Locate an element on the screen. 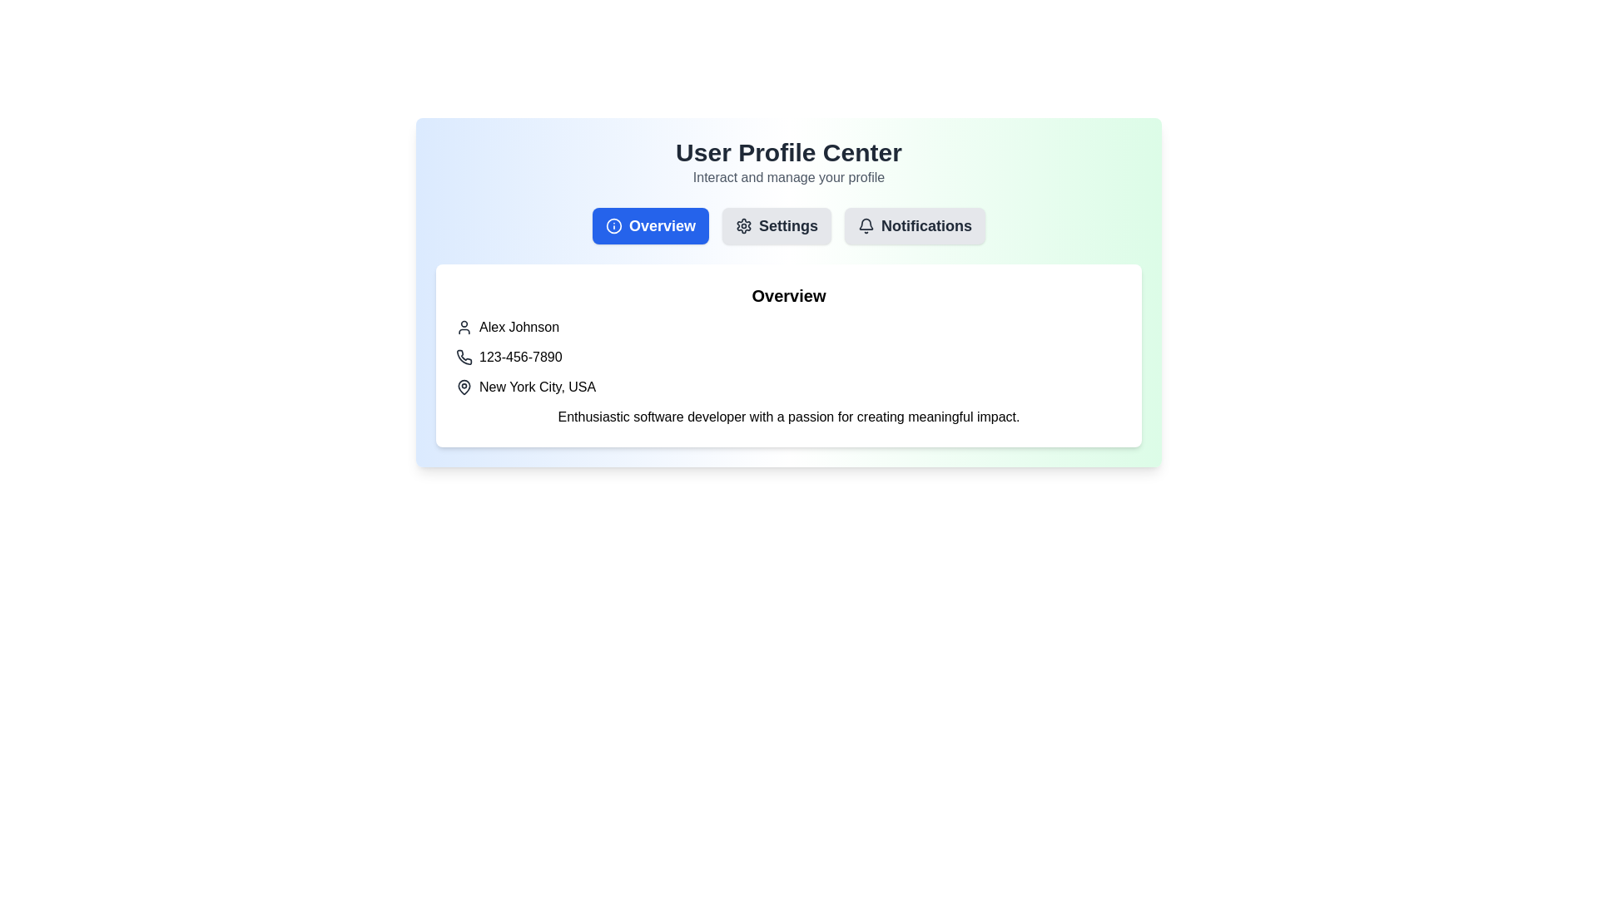 This screenshot has height=898, width=1598. the 'Settings' text-based navigation link, which is the second option in the menu row, positioned to the right of the gear icon is located at coordinates (787, 226).